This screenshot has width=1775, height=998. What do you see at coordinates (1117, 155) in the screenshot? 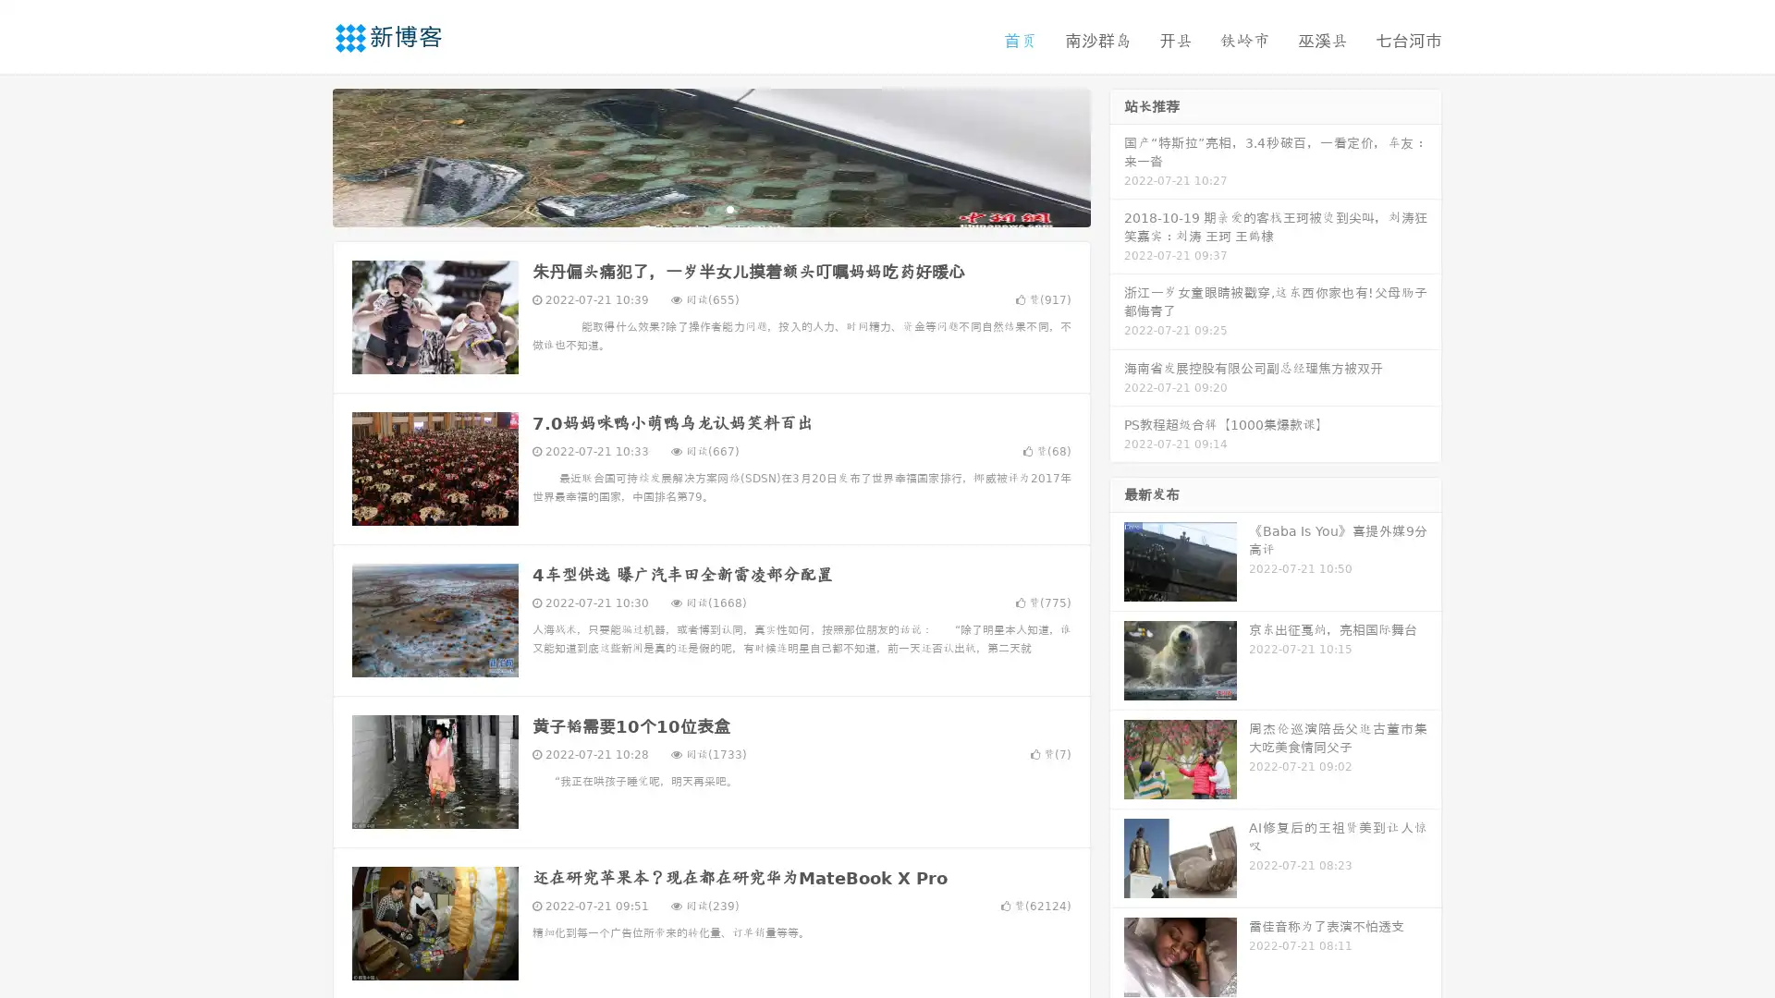
I see `Next slide` at bounding box center [1117, 155].